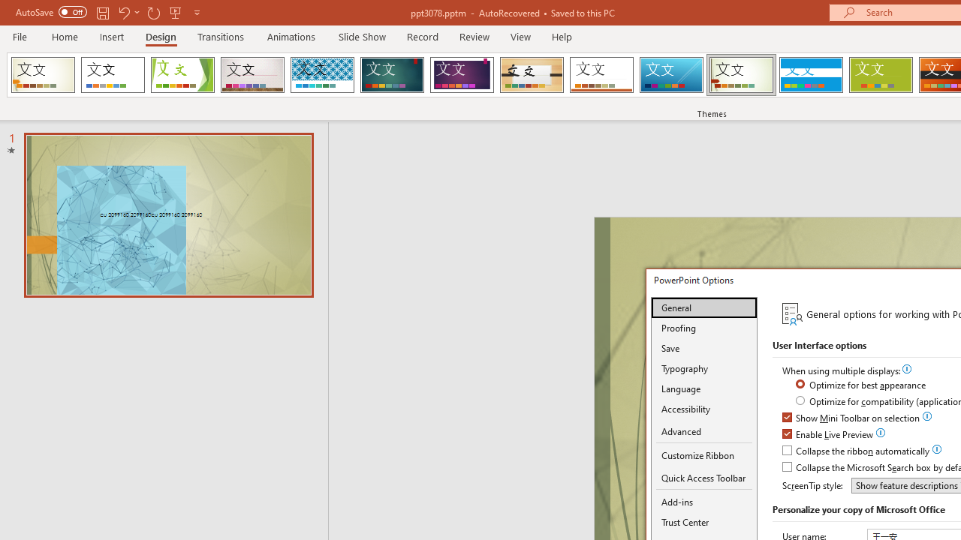  I want to click on 'General', so click(703, 307).